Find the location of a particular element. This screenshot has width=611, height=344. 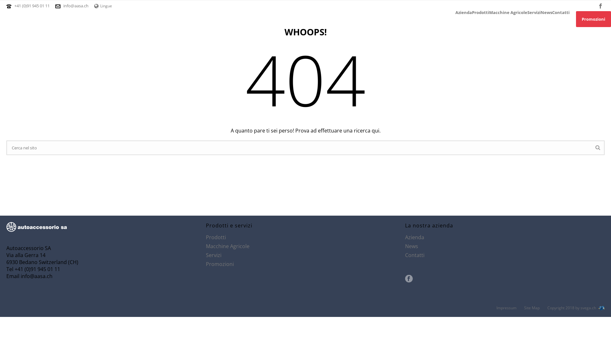

'Impressum' is located at coordinates (506, 308).